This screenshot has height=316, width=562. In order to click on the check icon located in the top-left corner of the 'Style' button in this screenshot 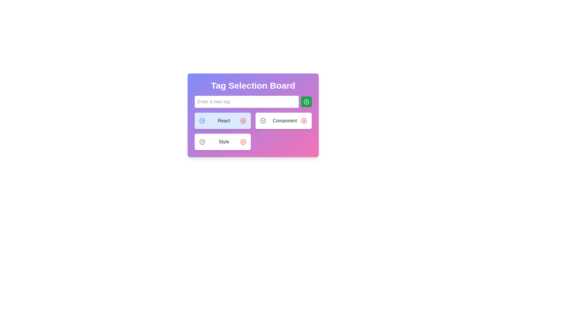, I will do `click(202, 142)`.